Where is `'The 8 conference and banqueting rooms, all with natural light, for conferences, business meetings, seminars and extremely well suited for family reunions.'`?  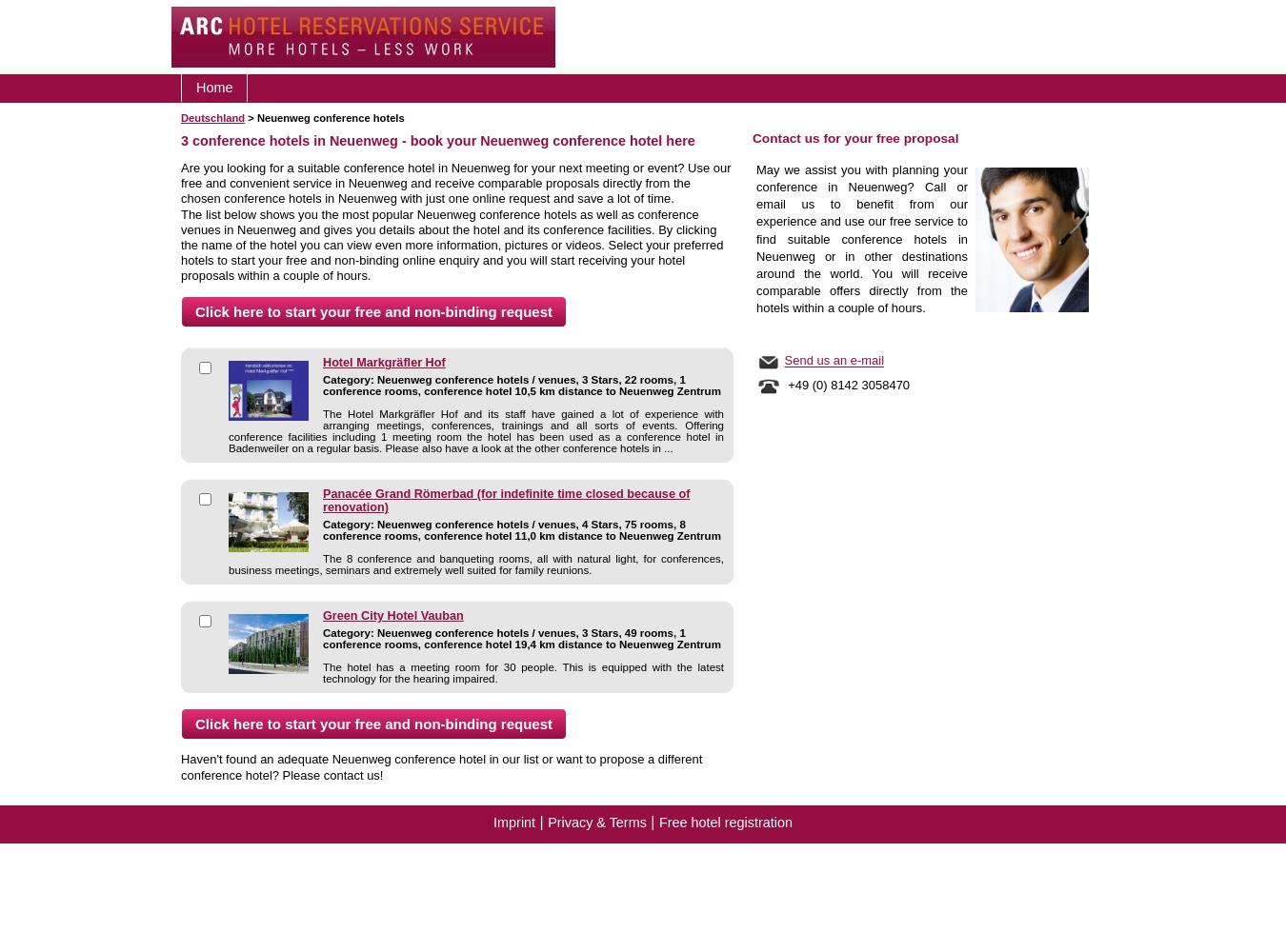
'The 8 conference and banqueting rooms, all with natural light, for conferences, business meetings, seminars and extremely well suited for family reunions.' is located at coordinates (475, 564).